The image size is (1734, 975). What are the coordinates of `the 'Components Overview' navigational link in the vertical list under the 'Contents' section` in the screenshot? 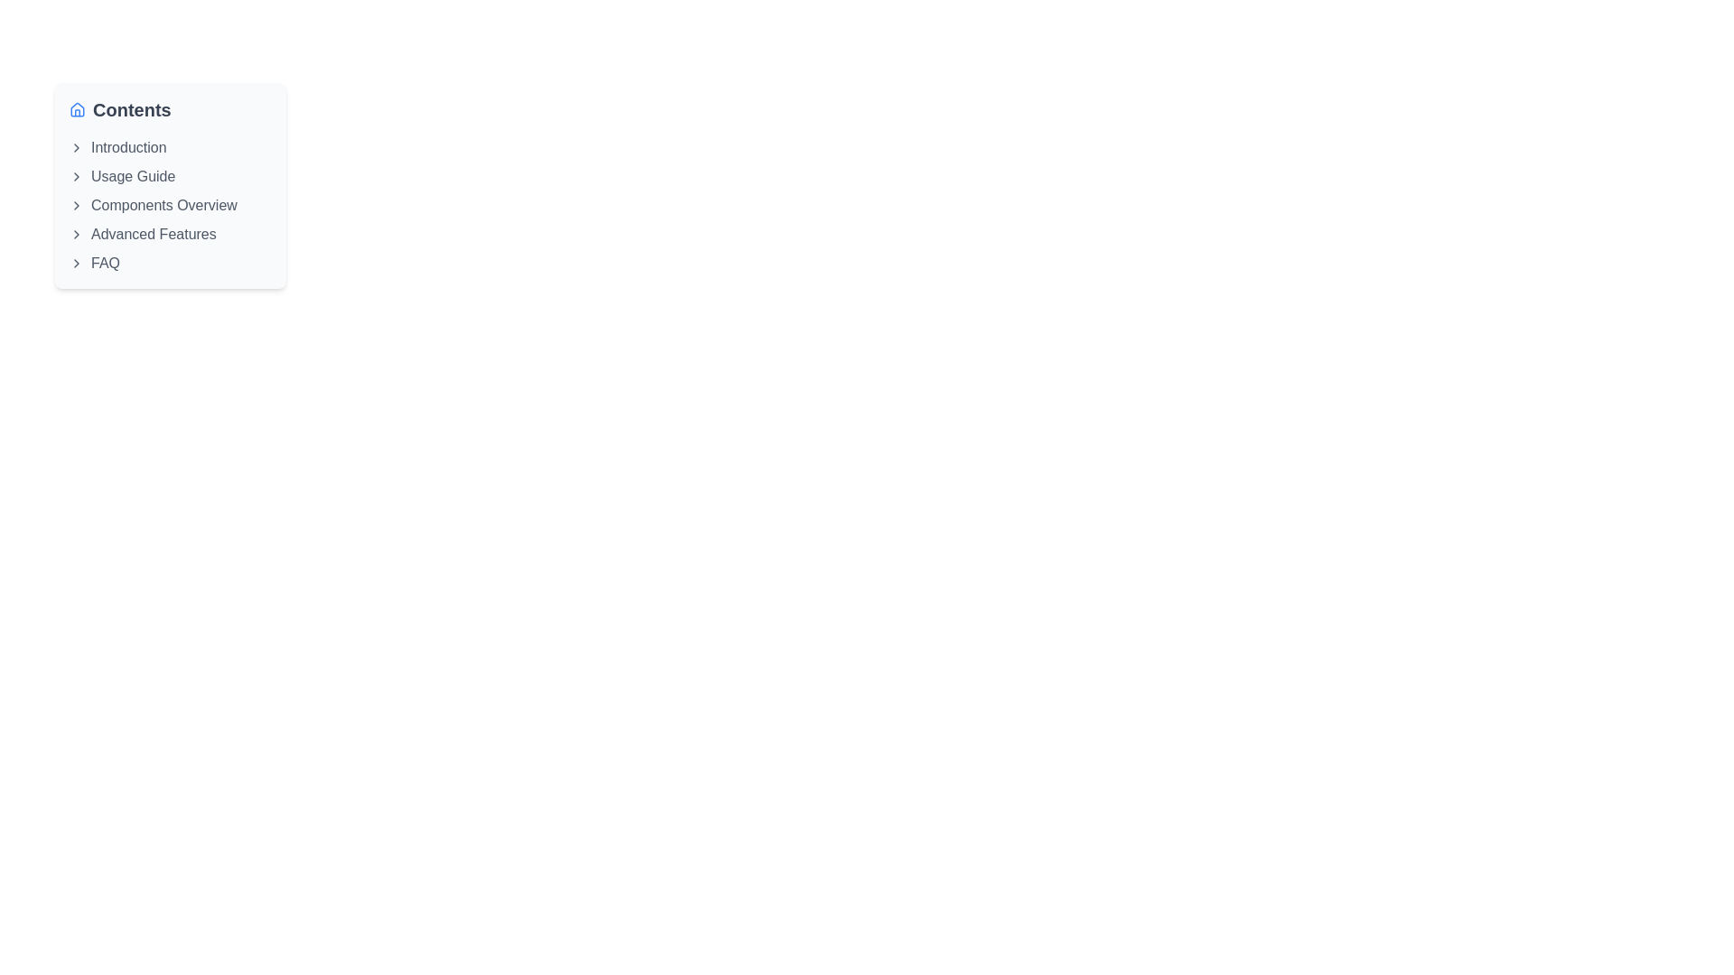 It's located at (170, 204).